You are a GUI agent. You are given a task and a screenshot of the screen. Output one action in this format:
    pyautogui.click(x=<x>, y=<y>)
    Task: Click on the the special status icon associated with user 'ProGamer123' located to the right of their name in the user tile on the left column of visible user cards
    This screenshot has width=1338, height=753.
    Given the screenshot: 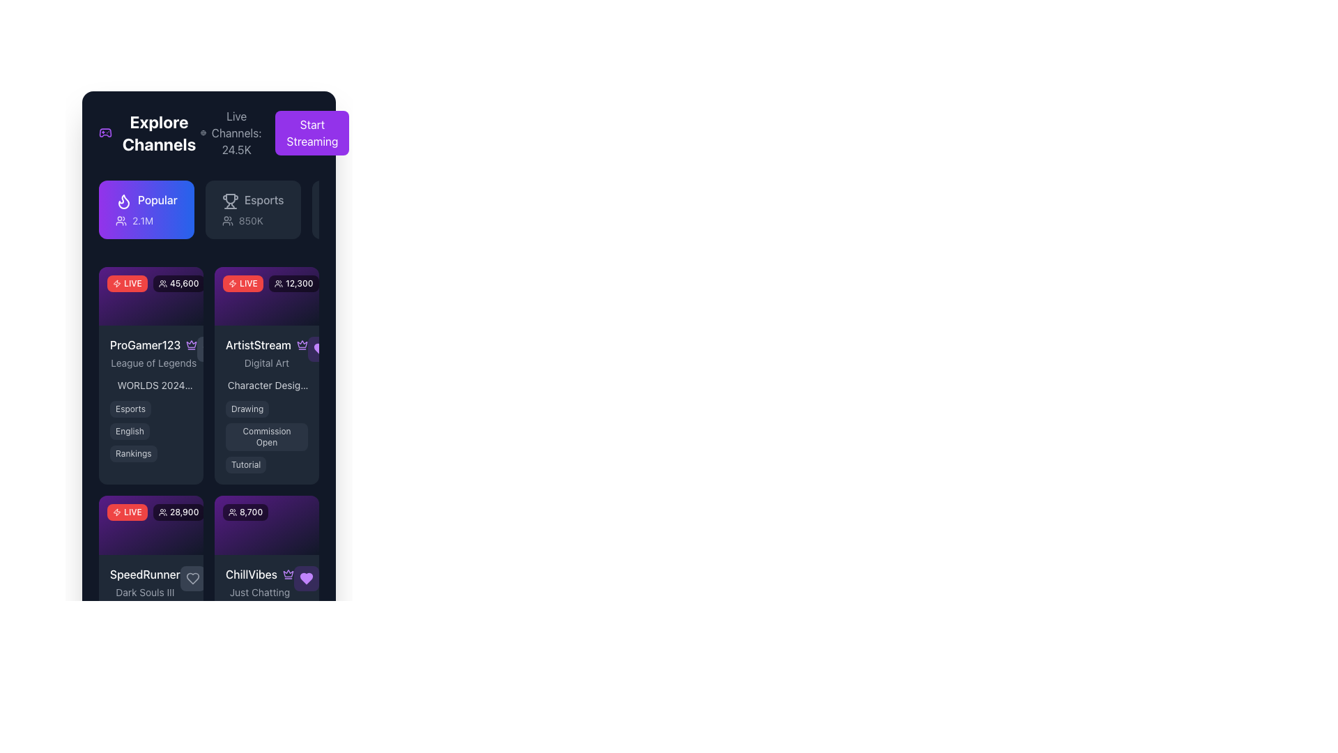 What is the action you would take?
    pyautogui.click(x=191, y=345)
    